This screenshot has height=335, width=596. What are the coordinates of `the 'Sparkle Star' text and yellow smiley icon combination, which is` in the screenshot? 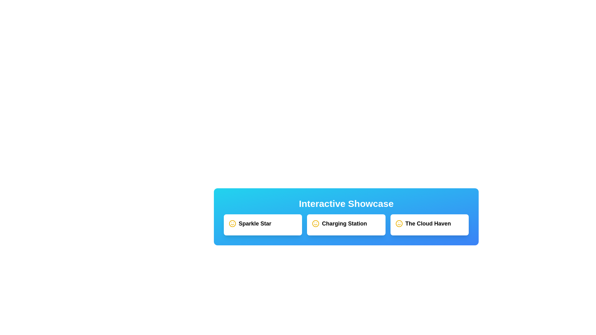 It's located at (263, 224).